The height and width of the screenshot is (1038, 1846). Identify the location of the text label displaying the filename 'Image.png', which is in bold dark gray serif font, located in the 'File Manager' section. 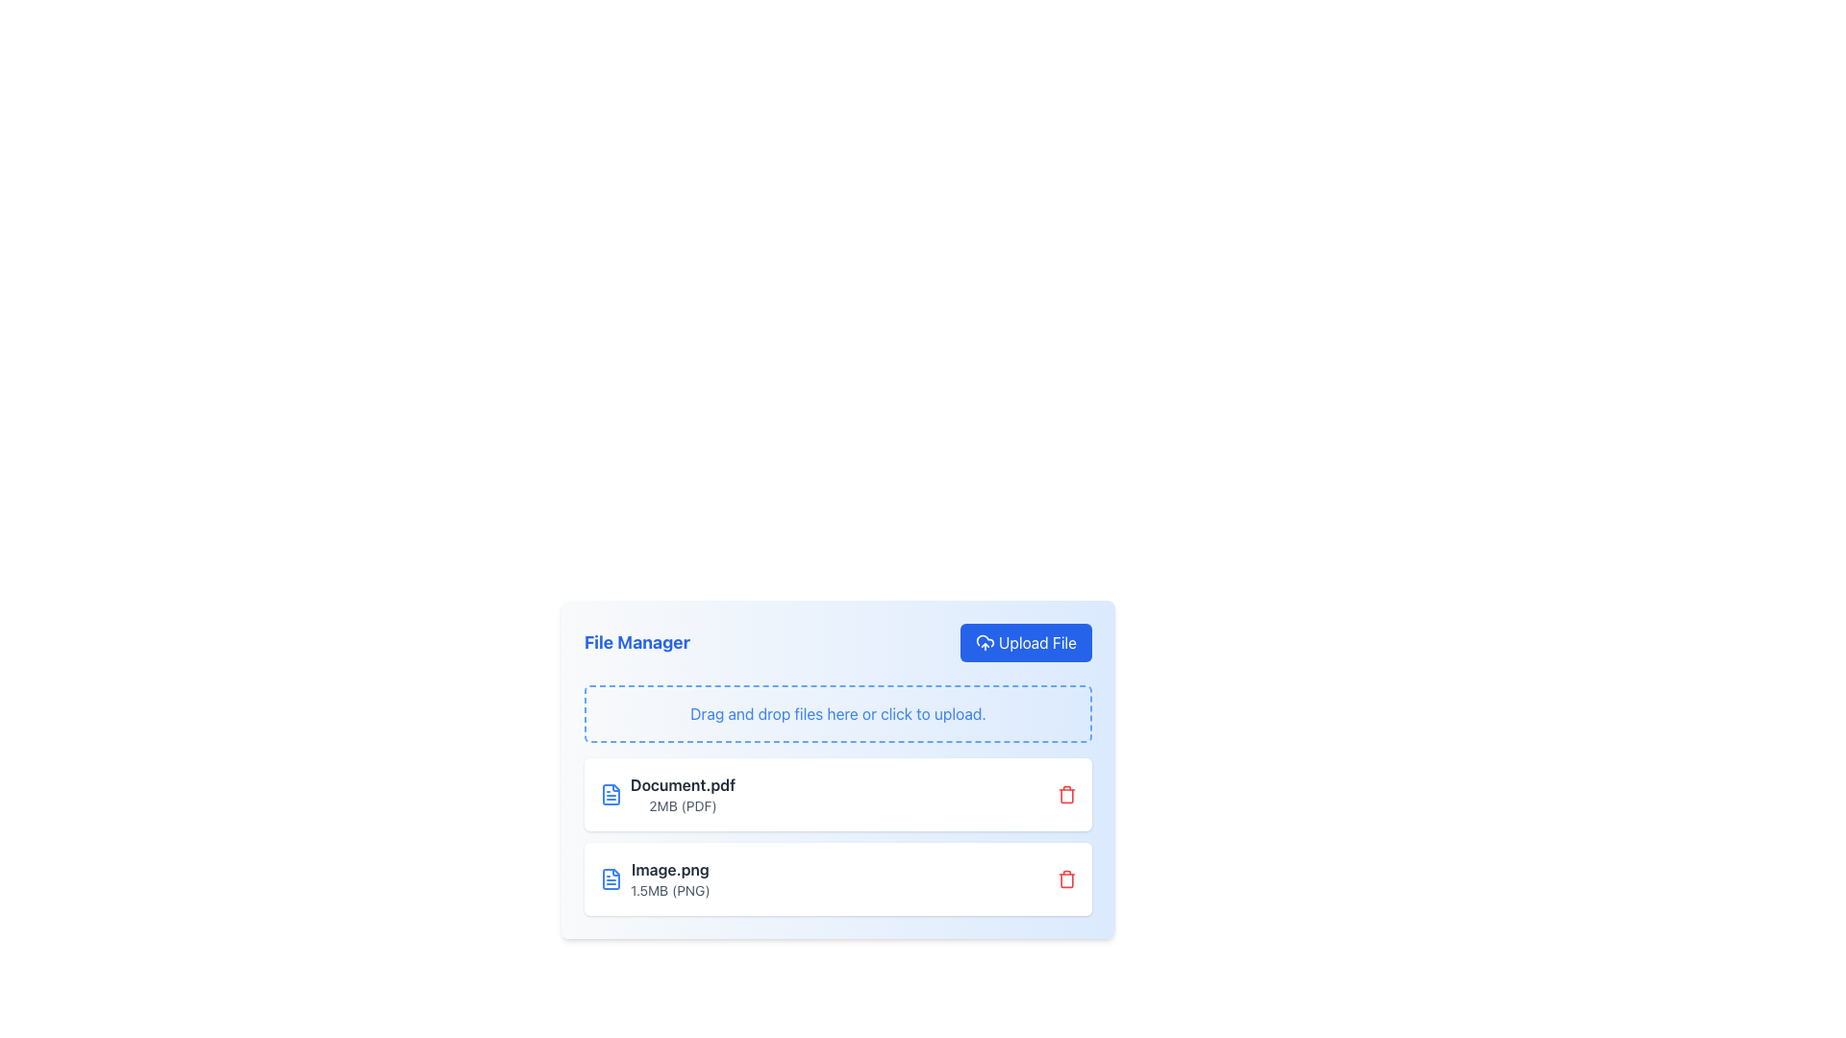
(670, 870).